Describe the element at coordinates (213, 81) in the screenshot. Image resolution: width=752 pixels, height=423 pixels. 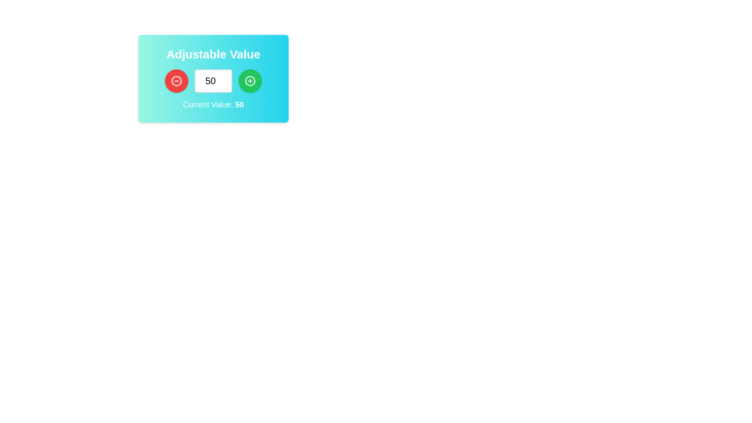
I see `the numerical input field displaying the value '50' to focus on it` at that location.